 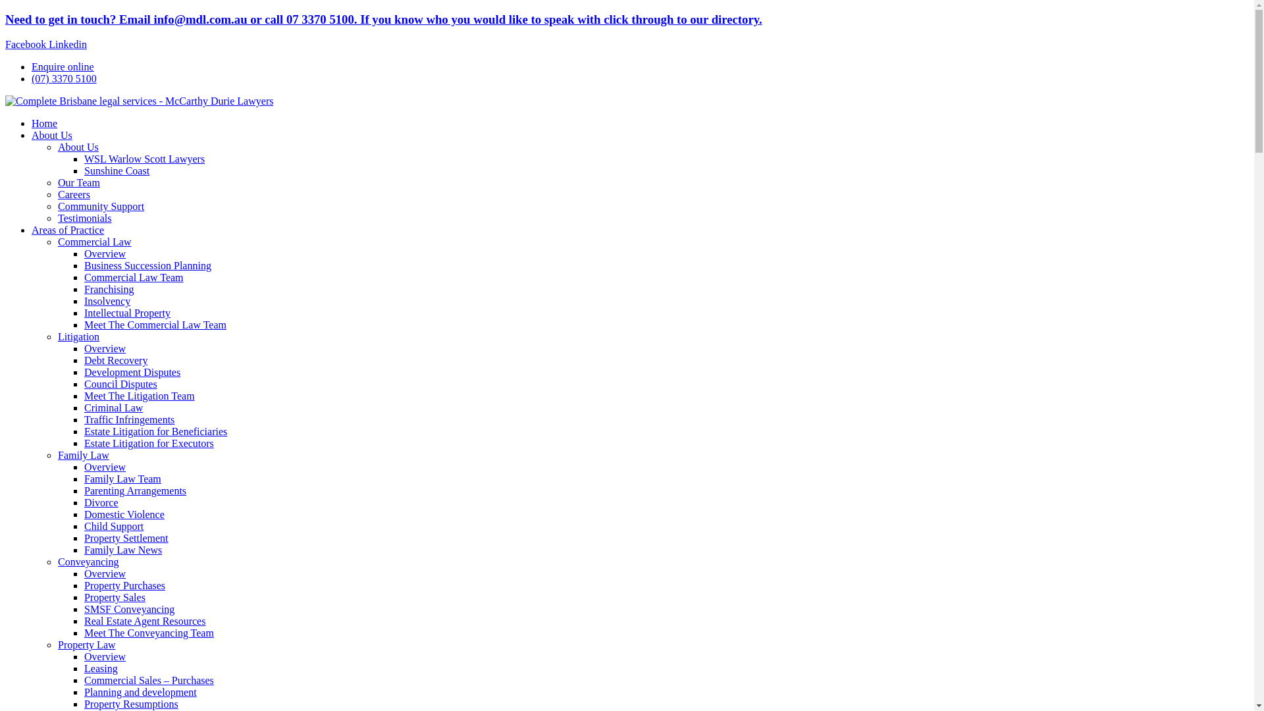 What do you see at coordinates (84, 384) in the screenshot?
I see `'Council Disputes'` at bounding box center [84, 384].